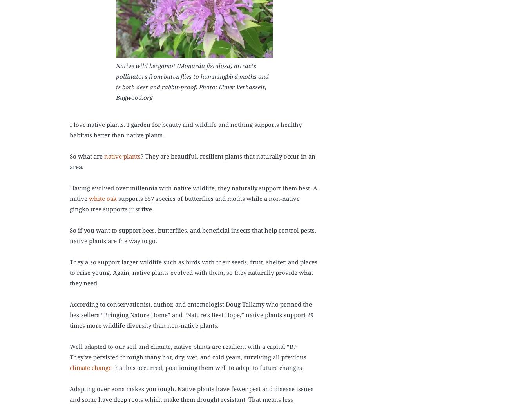 The width and height of the screenshot is (529, 408). I want to click on 'Native wild bergamot (Monarda fistulosa) attracts pollinators from butterflies to hummingbird moths and is both deer and rabbit-proof. Photo: Elmer Verhasselt, Bugwood.org', so click(115, 81).